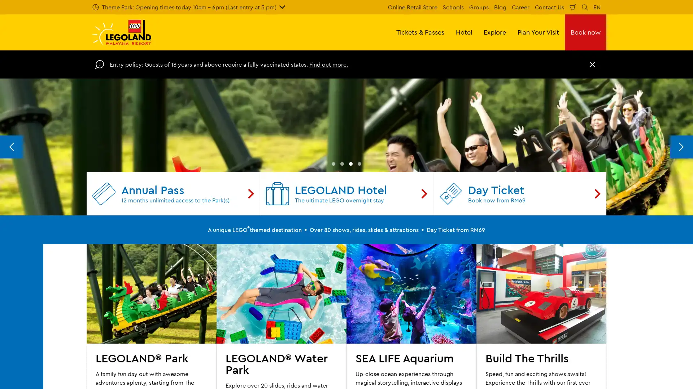  What do you see at coordinates (572, 7) in the screenshot?
I see `Shopping Cart` at bounding box center [572, 7].